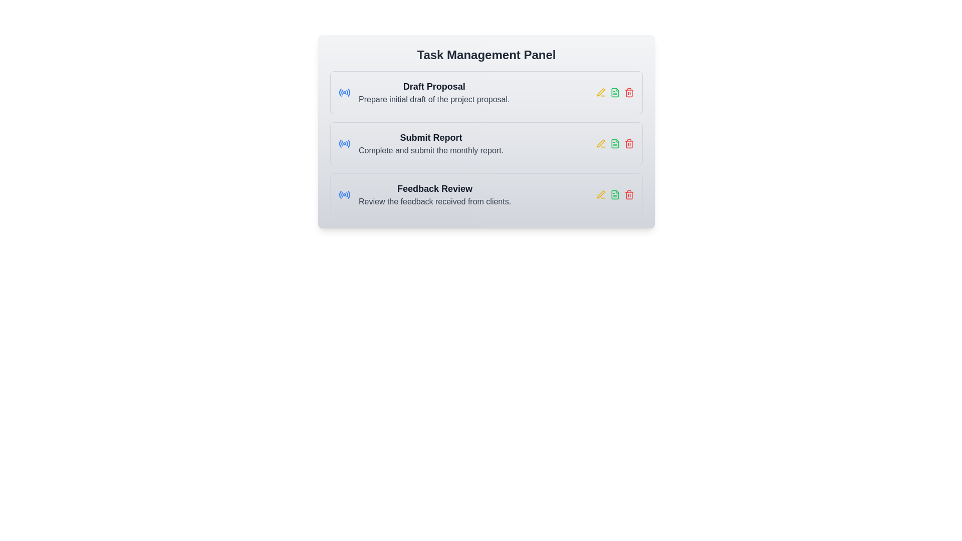 The image size is (962, 541). What do you see at coordinates (629, 93) in the screenshot?
I see `the delete icon located at the farthest right of the 'Draft Proposal' task row` at bounding box center [629, 93].